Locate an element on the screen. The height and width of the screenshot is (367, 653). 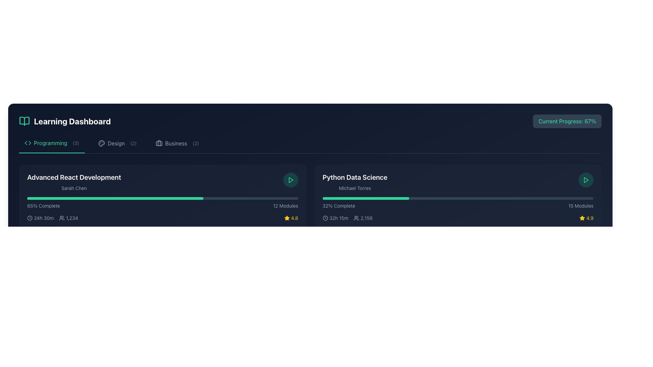
the static text label that indicates the progress percentage, located to the left of '12 Modules' near the progress bar under the 'Advanced React Development' section is located at coordinates (43, 205).